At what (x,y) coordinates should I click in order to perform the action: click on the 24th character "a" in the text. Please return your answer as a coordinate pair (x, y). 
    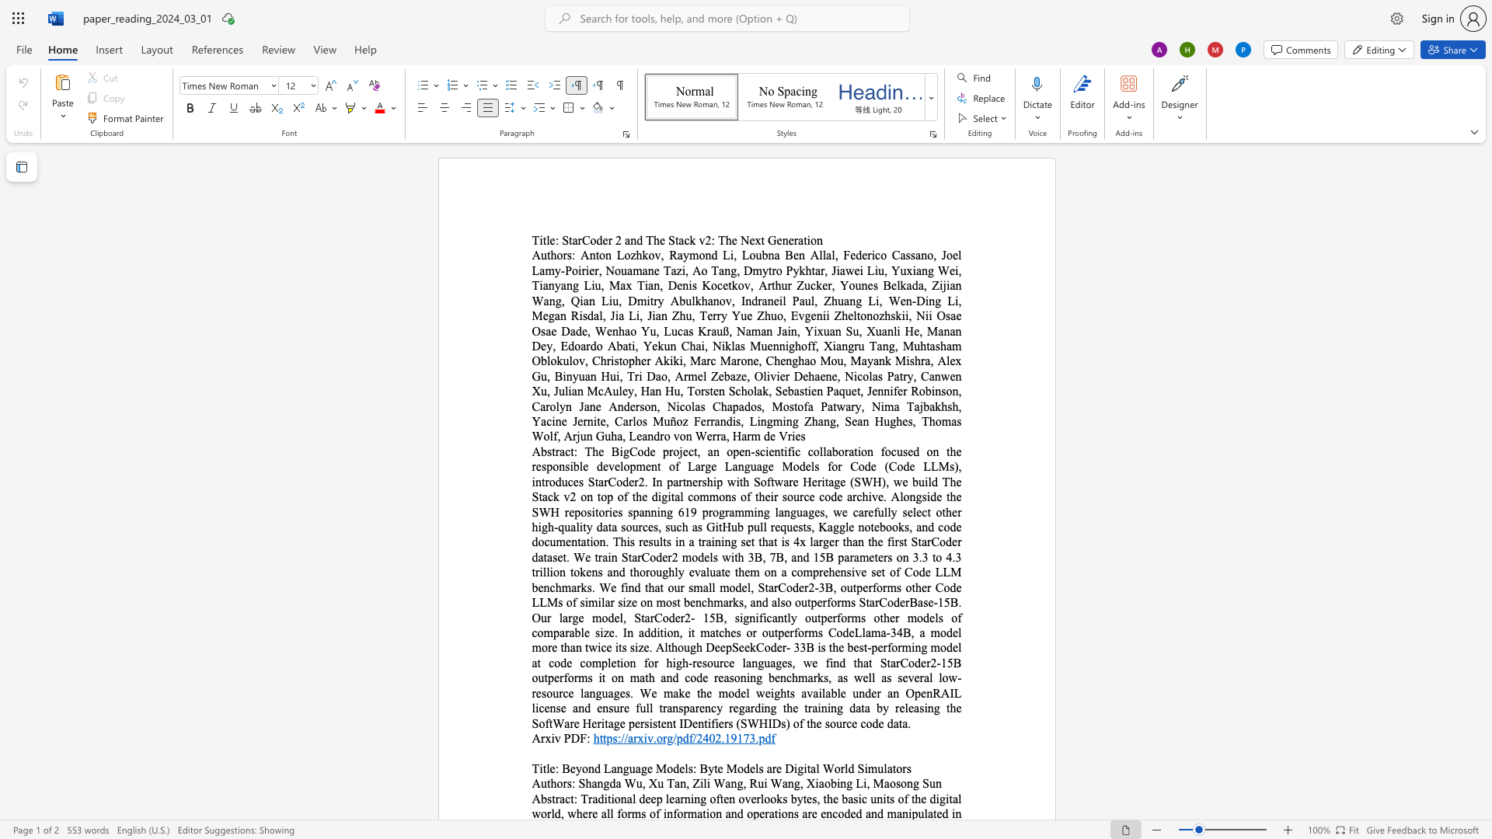
    Looking at the image, I should click on (765, 301).